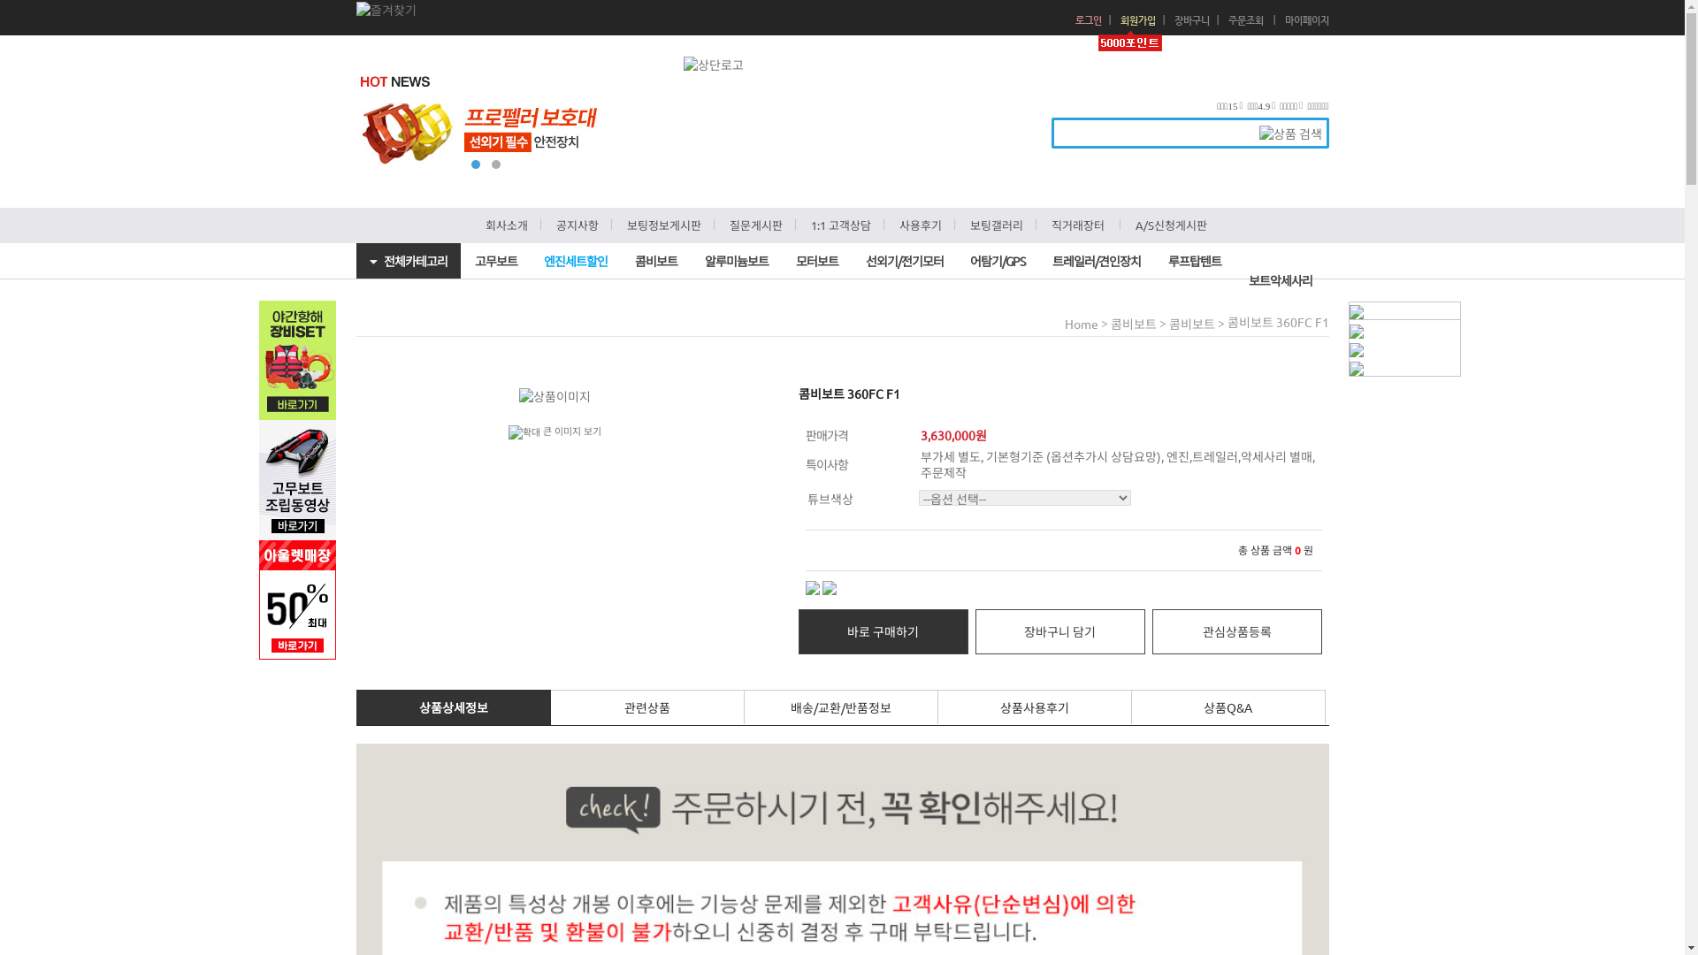  Describe the element at coordinates (1081, 324) in the screenshot. I see `'Home'` at that location.